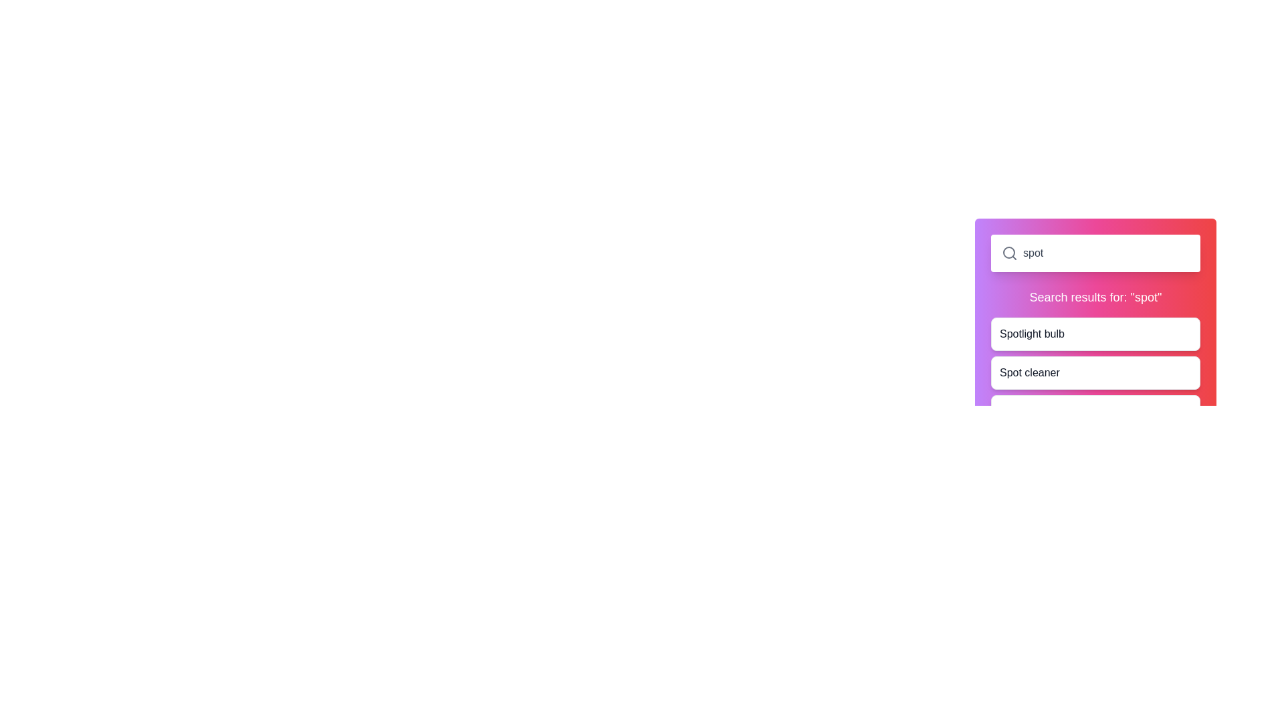 This screenshot has height=722, width=1284. Describe the element at coordinates (1029, 373) in the screenshot. I see `the 'Spot cleaner' text label, which is displayed in a medium-weight dark gray font on a rounded white card` at that location.